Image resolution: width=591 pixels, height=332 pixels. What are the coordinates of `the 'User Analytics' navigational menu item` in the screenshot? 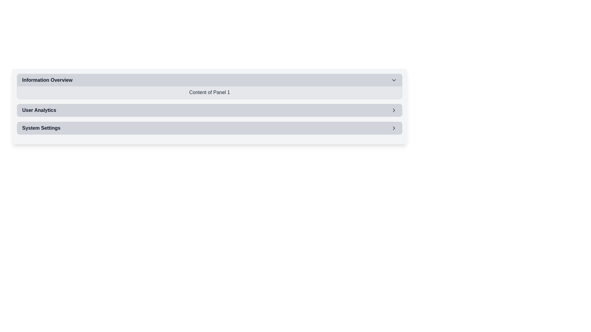 It's located at (210, 110).